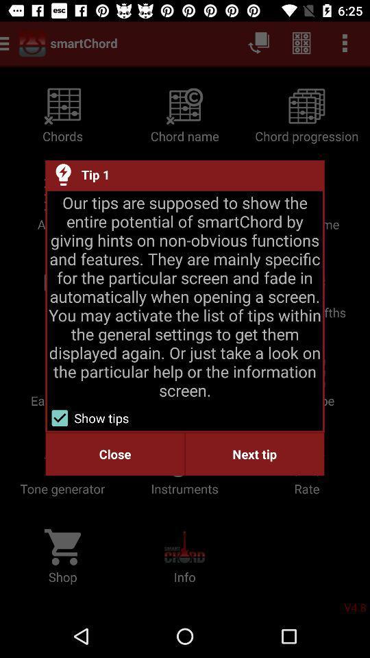 The width and height of the screenshot is (370, 658). I want to click on the icon to the left of the next tip, so click(114, 454).